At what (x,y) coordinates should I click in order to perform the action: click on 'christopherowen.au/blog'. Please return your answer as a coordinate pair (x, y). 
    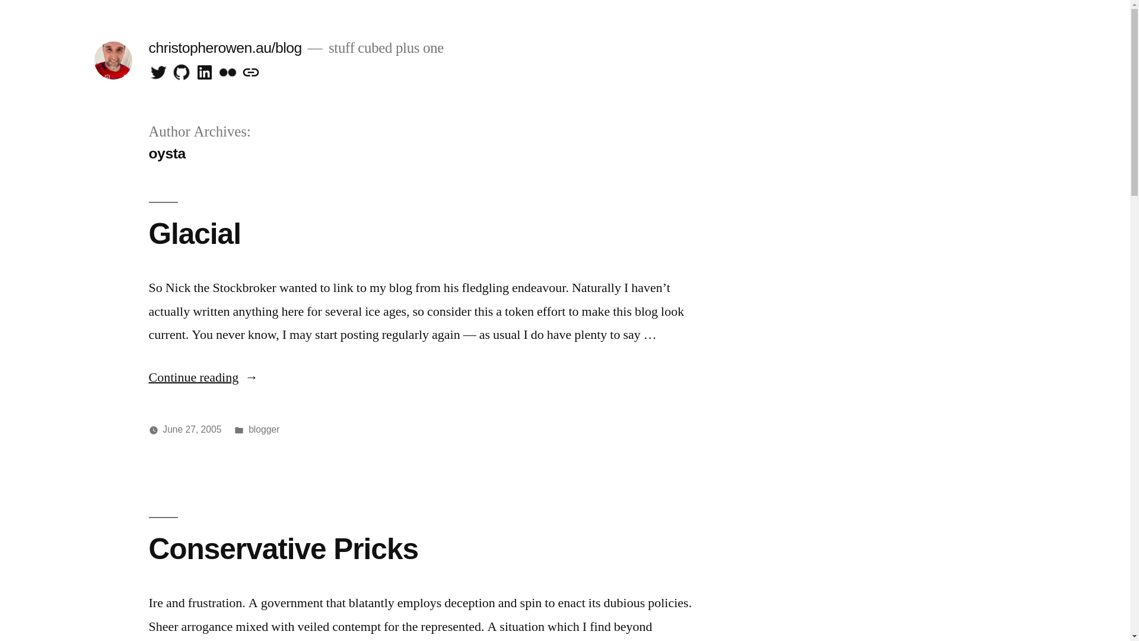
    Looking at the image, I should click on (225, 47).